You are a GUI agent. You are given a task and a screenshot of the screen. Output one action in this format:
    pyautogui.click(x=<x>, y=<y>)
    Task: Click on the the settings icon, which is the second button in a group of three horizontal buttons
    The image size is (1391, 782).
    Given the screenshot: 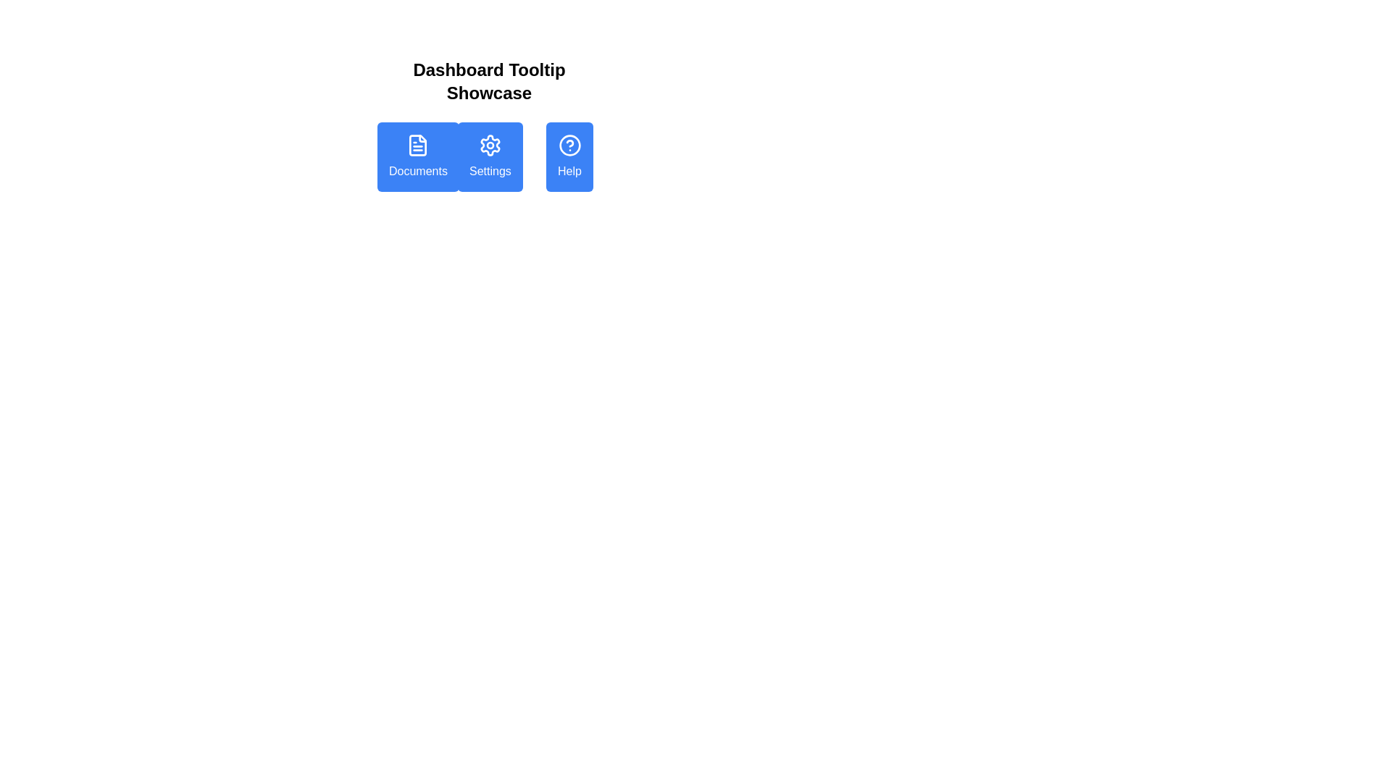 What is the action you would take?
    pyautogui.click(x=490, y=145)
    